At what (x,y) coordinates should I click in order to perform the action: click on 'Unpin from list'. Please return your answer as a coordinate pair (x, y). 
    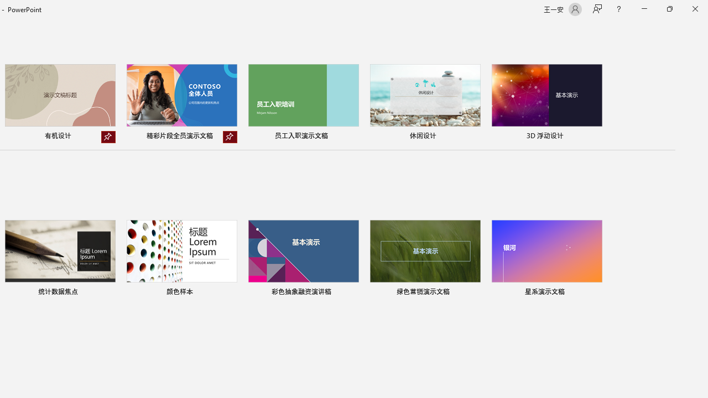
    Looking at the image, I should click on (230, 137).